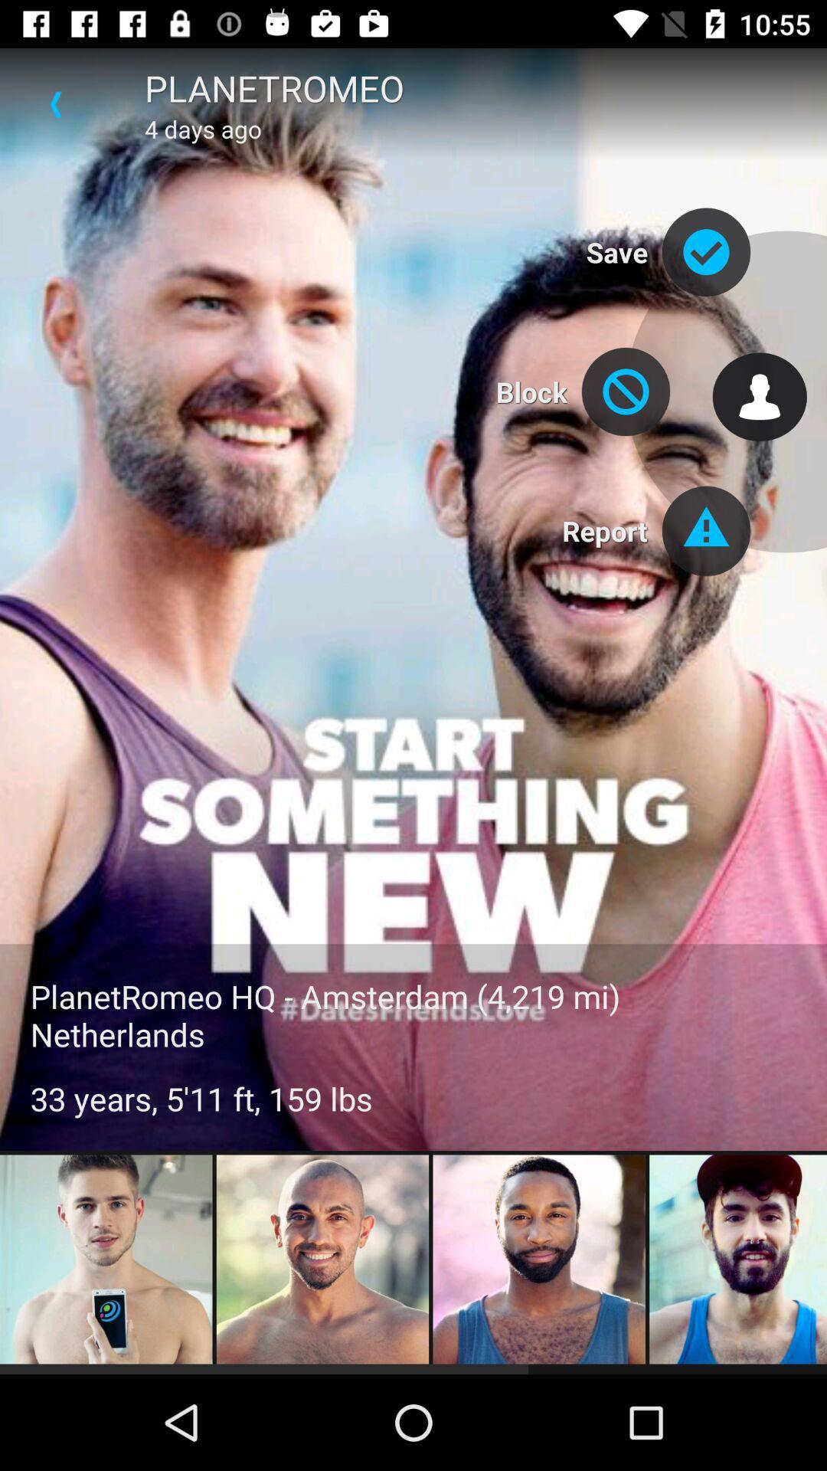 This screenshot has height=1471, width=827. What do you see at coordinates (55, 103) in the screenshot?
I see `the item next to the planetromeo` at bounding box center [55, 103].